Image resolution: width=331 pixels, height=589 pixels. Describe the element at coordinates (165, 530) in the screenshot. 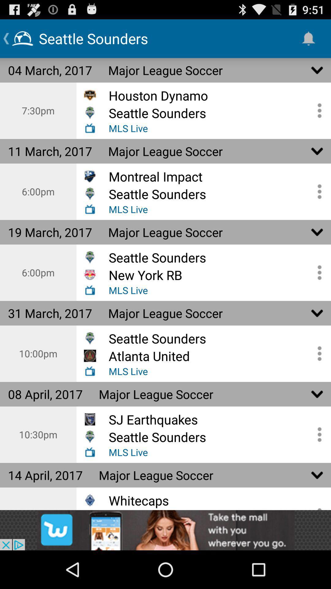

I see `wish advertisement page` at that location.